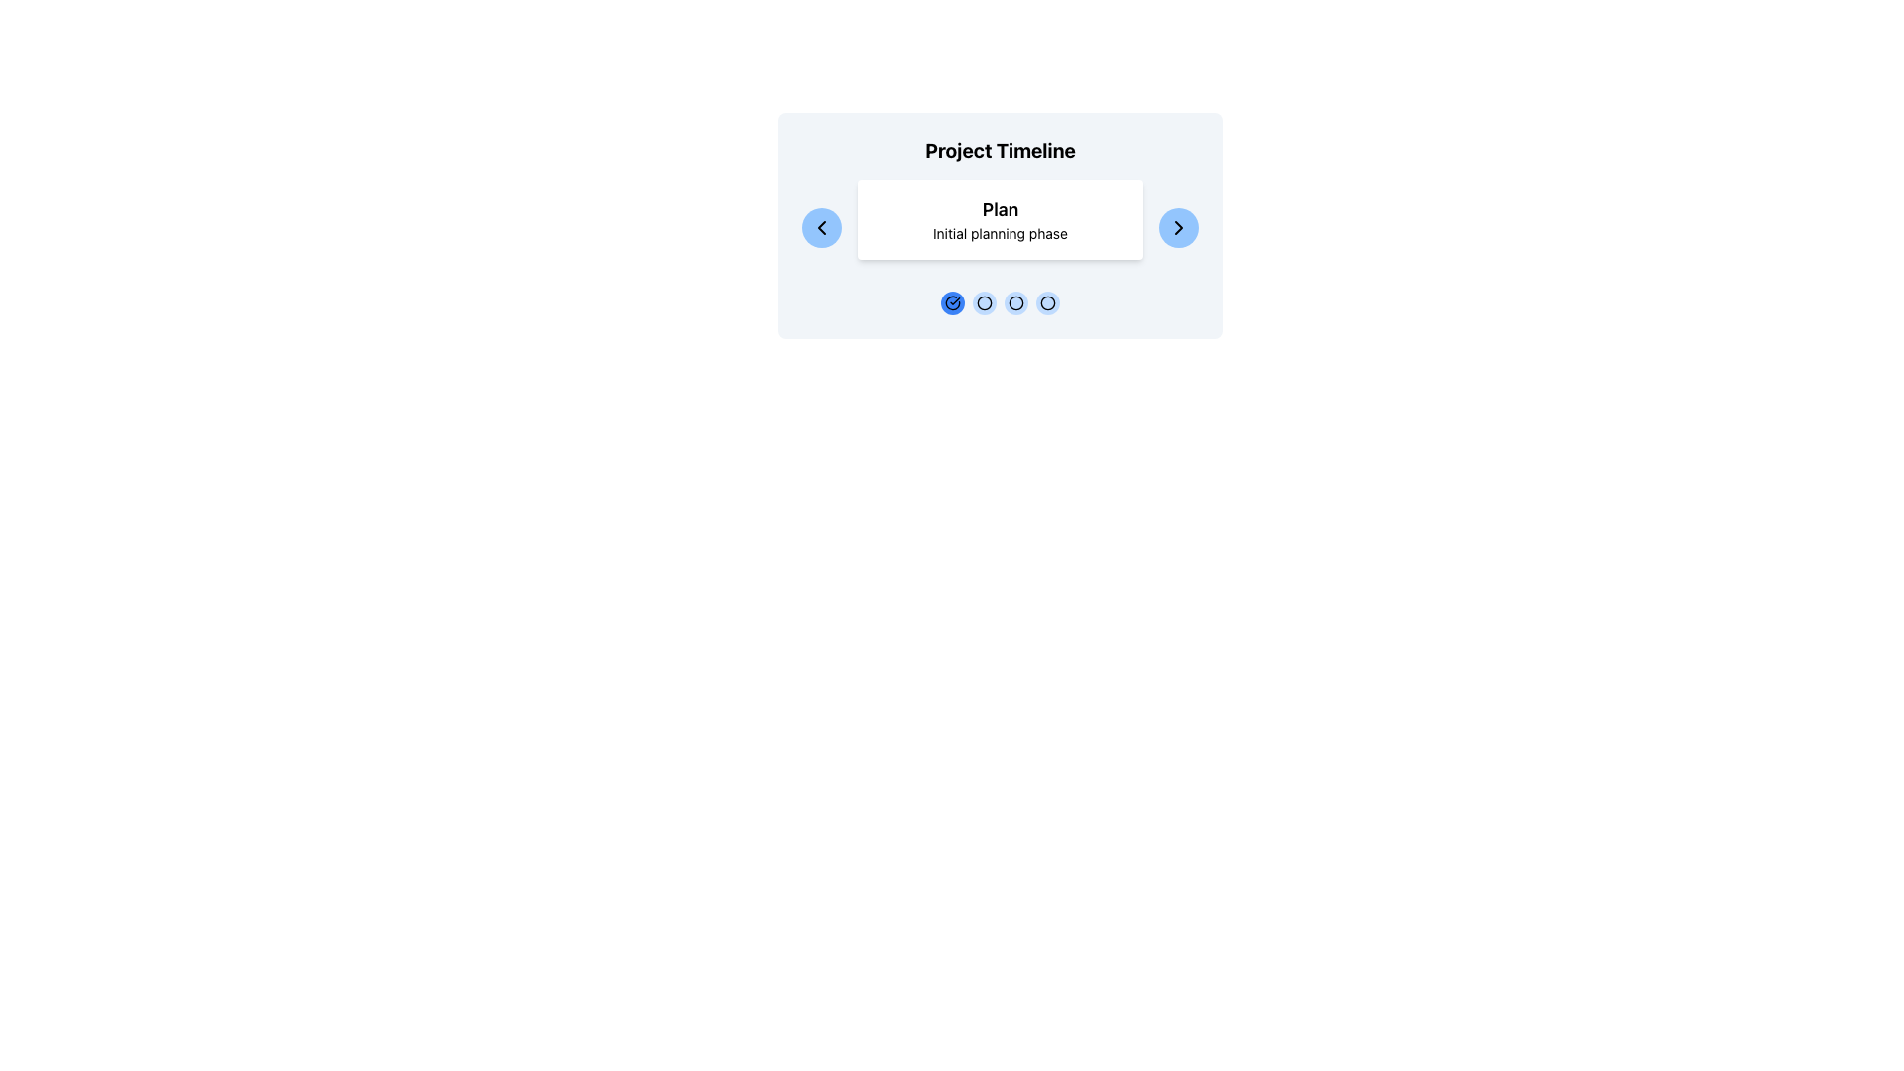 This screenshot has height=1071, width=1904. What do you see at coordinates (1179, 227) in the screenshot?
I see `the rightmost navigation button` at bounding box center [1179, 227].